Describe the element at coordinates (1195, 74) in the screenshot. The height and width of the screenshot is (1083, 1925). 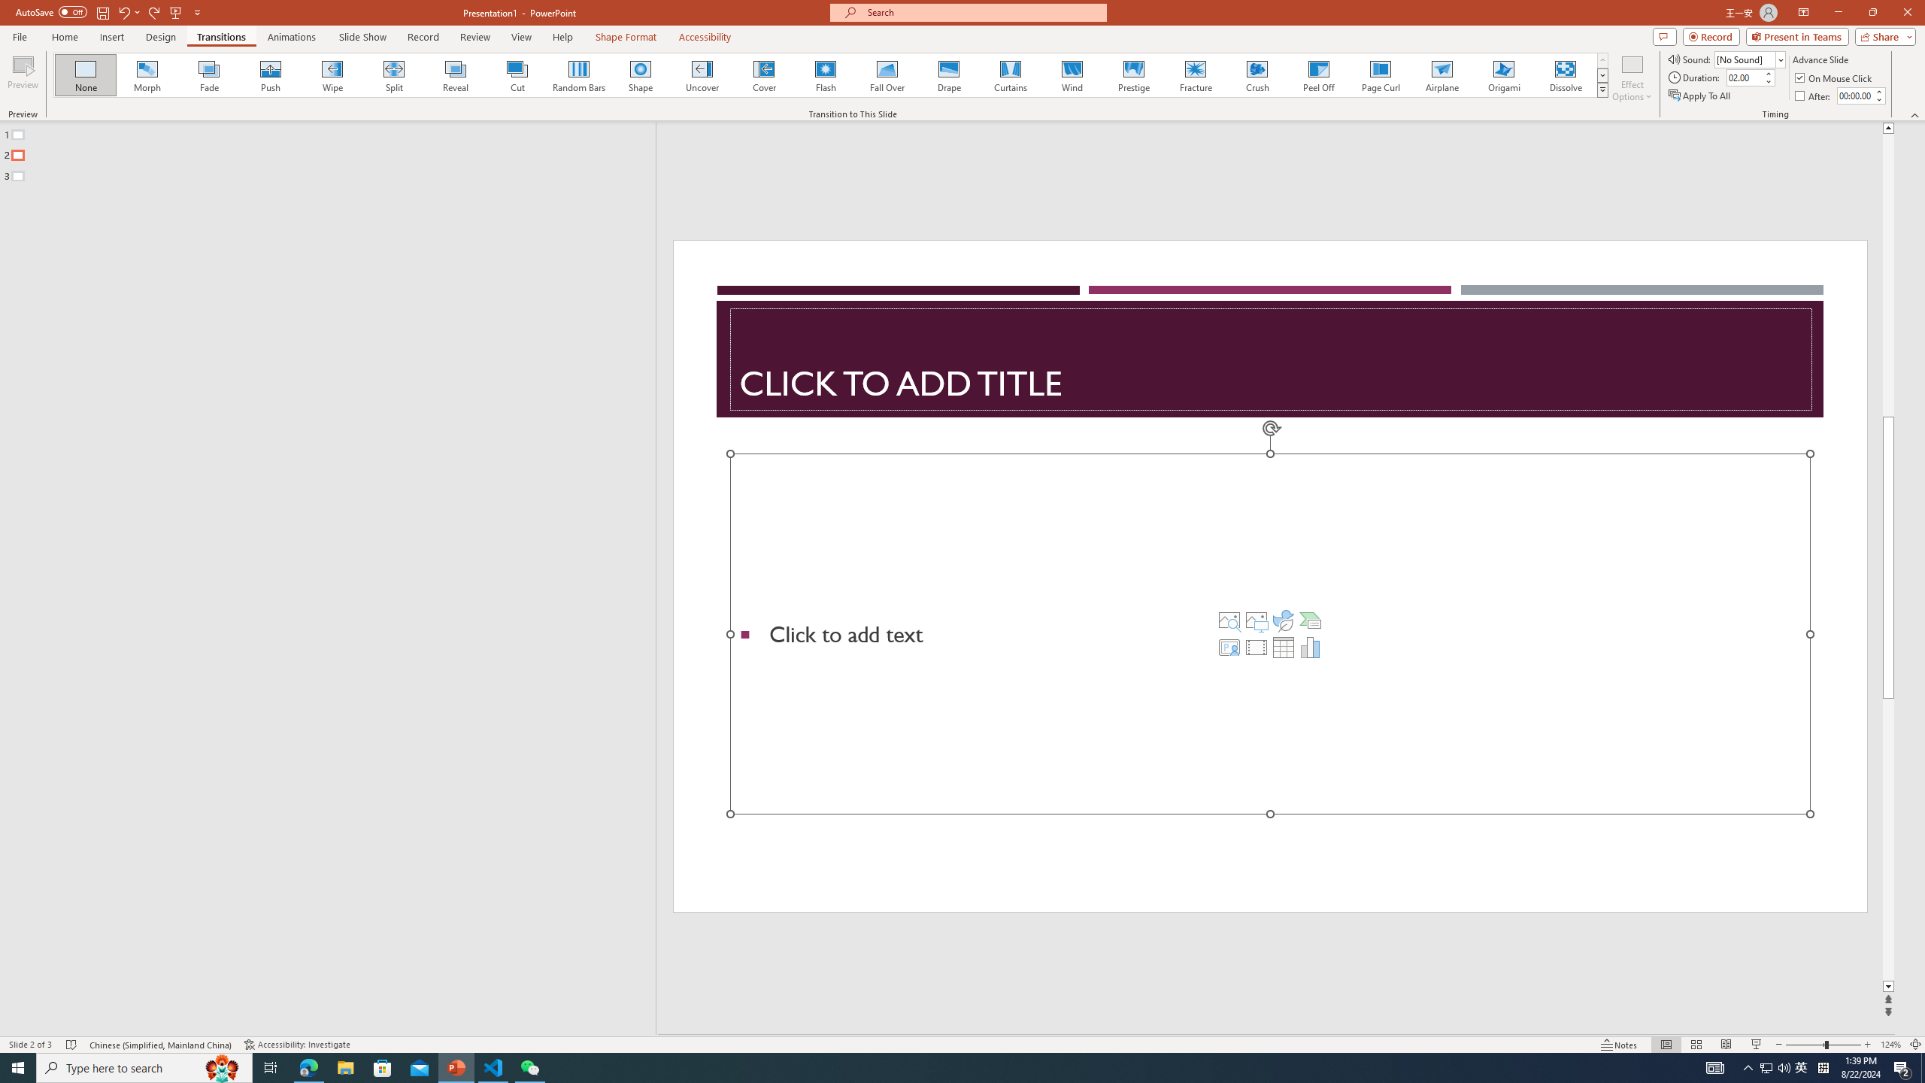
I see `'Fracture'` at that location.